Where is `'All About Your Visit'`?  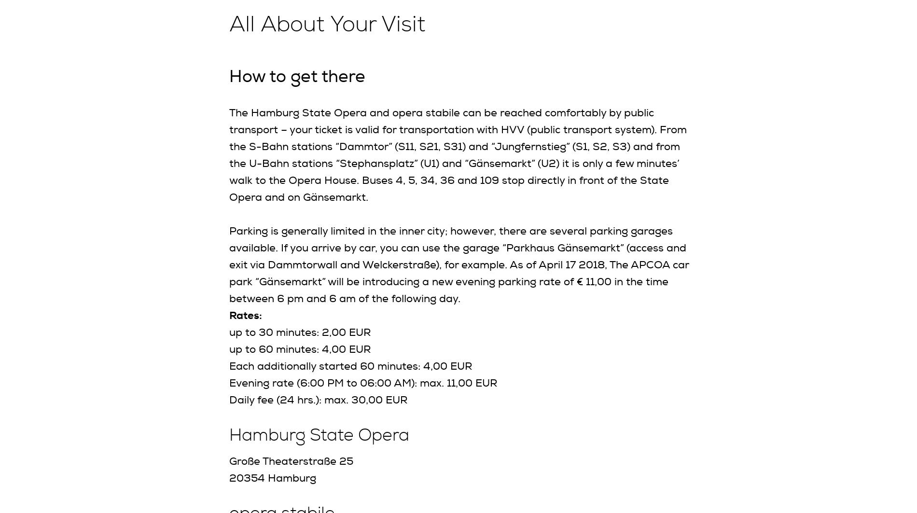
'All About Your Visit' is located at coordinates (327, 24).